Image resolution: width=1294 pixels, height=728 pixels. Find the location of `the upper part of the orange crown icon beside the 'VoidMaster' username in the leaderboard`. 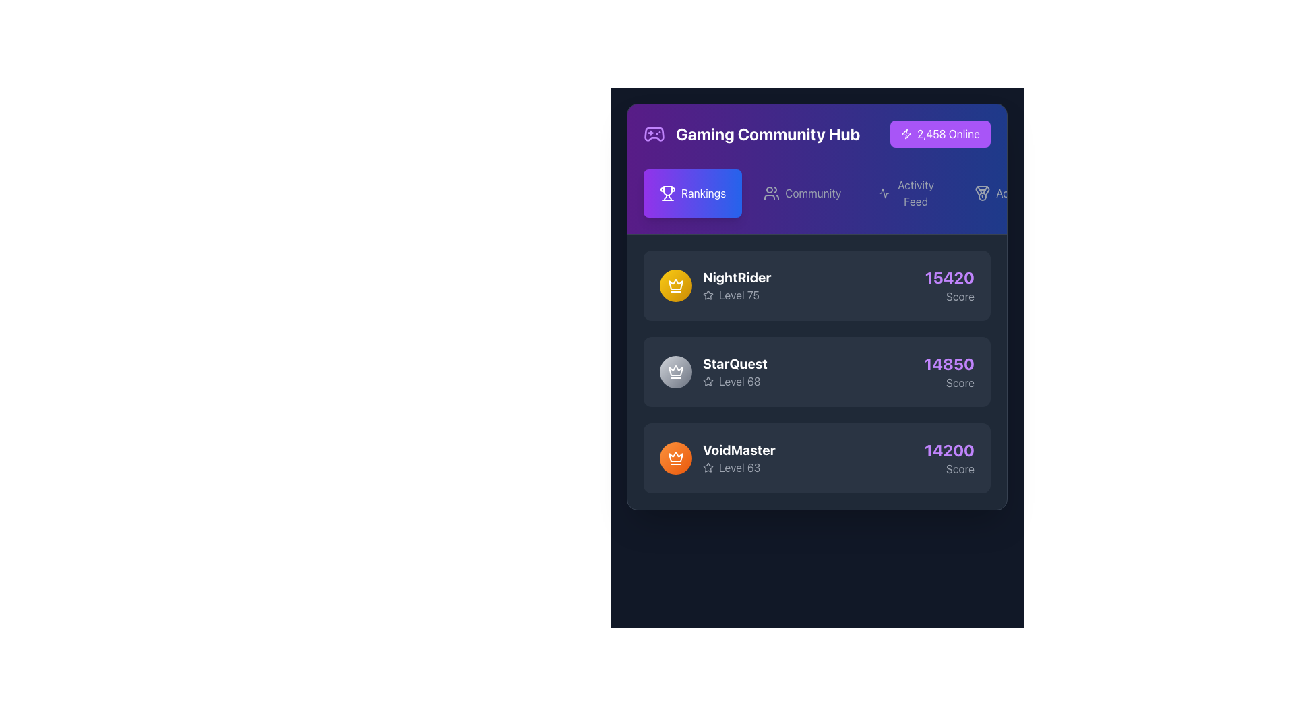

the upper part of the orange crown icon beside the 'VoidMaster' username in the leaderboard is located at coordinates (676, 456).